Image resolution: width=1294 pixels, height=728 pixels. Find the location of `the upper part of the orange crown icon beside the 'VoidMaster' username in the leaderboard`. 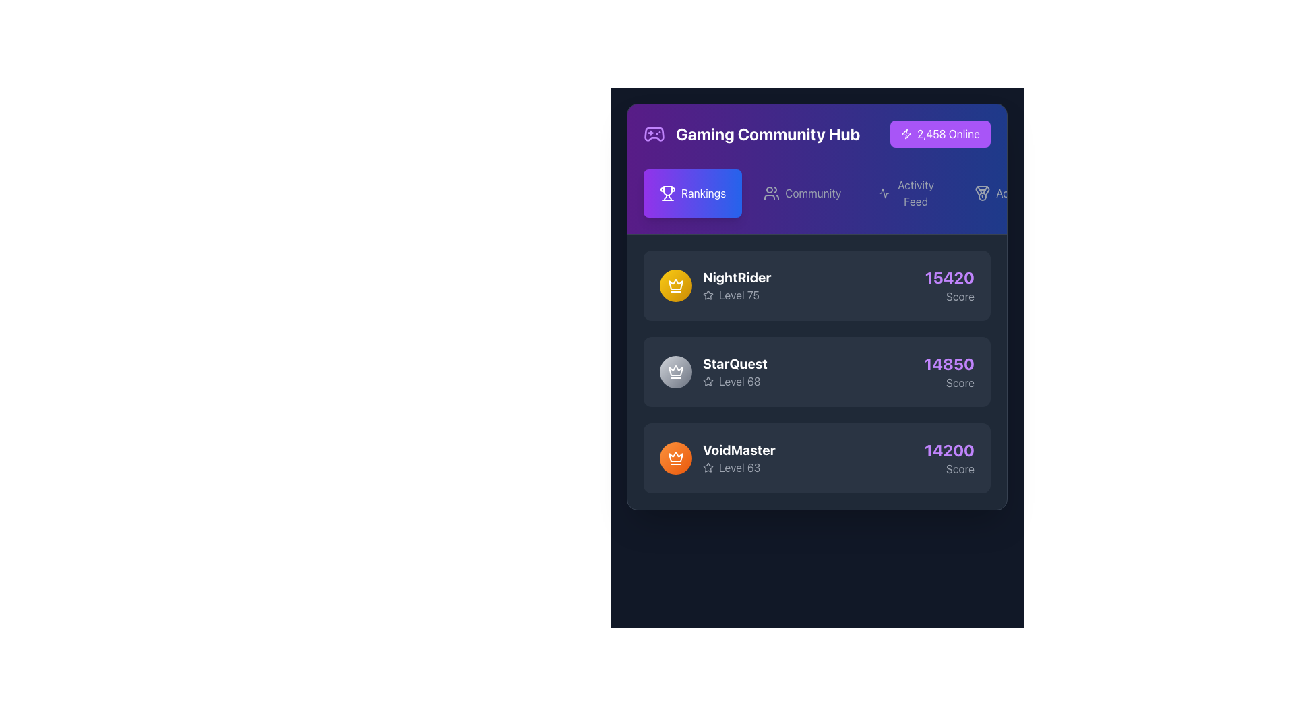

the upper part of the orange crown icon beside the 'VoidMaster' username in the leaderboard is located at coordinates (676, 456).